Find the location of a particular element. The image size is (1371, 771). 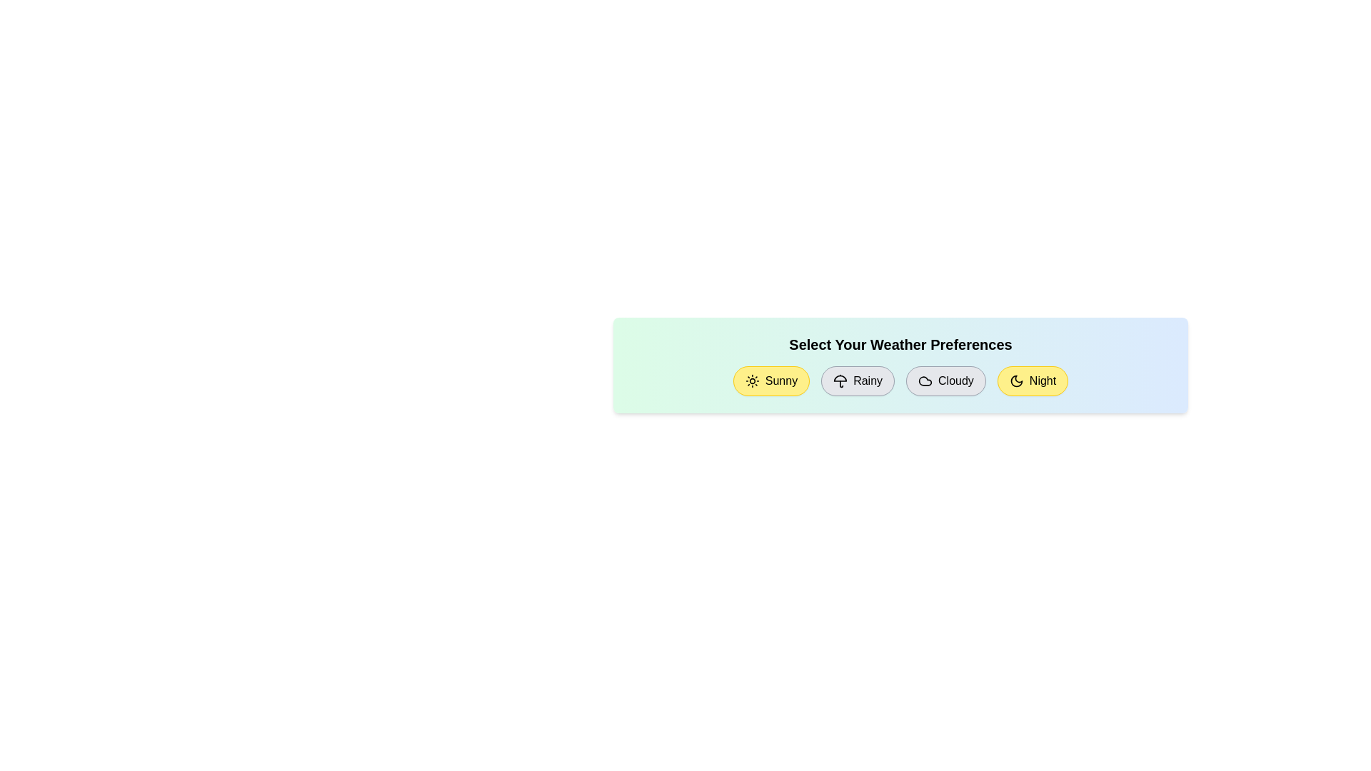

the weather chip labeled Cloudy to observe its hover effect is located at coordinates (945, 380).